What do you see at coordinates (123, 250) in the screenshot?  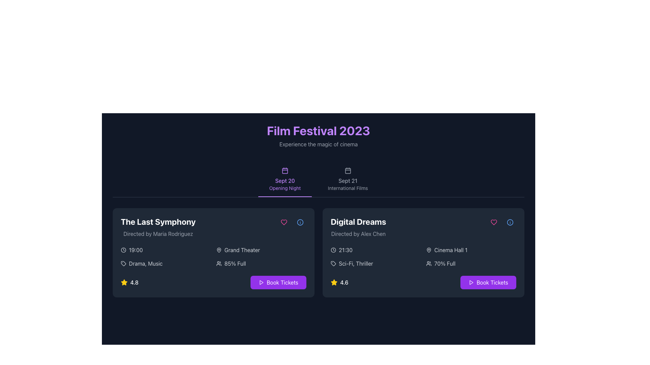 I see `the circular face of the clock icon located in the top-left portion of the card describing the event 'The Last Symphony'` at bounding box center [123, 250].